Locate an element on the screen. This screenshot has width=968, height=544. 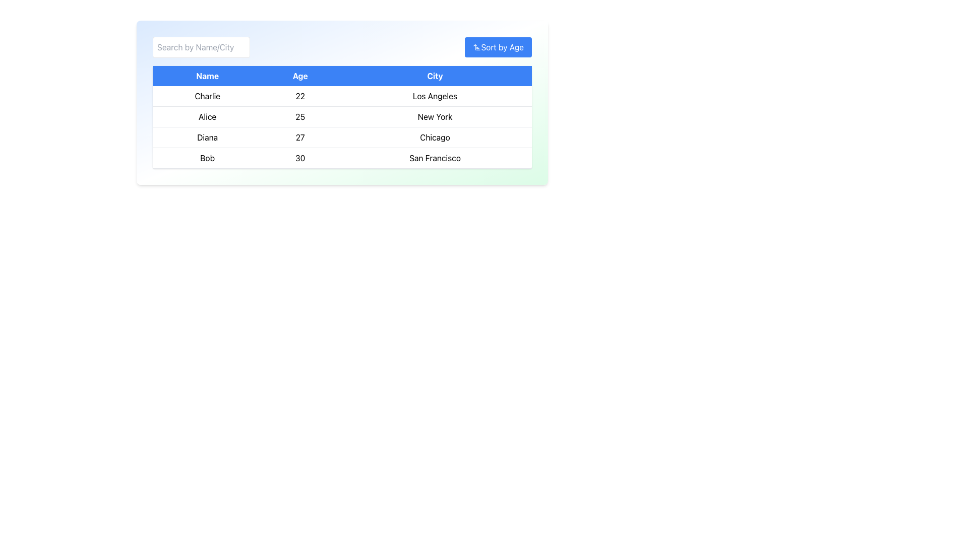
the text displaying the age of 'Charlie' located under the 'Age' heading in the data table is located at coordinates (299, 96).